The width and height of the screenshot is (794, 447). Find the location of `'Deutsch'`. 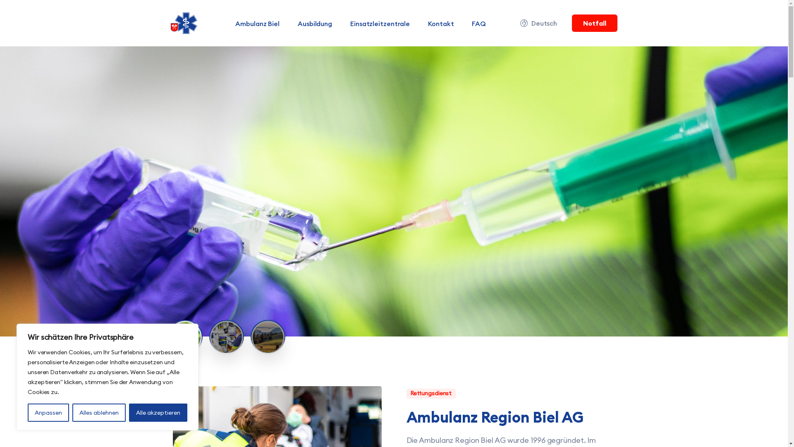

'Deutsch' is located at coordinates (539, 23).